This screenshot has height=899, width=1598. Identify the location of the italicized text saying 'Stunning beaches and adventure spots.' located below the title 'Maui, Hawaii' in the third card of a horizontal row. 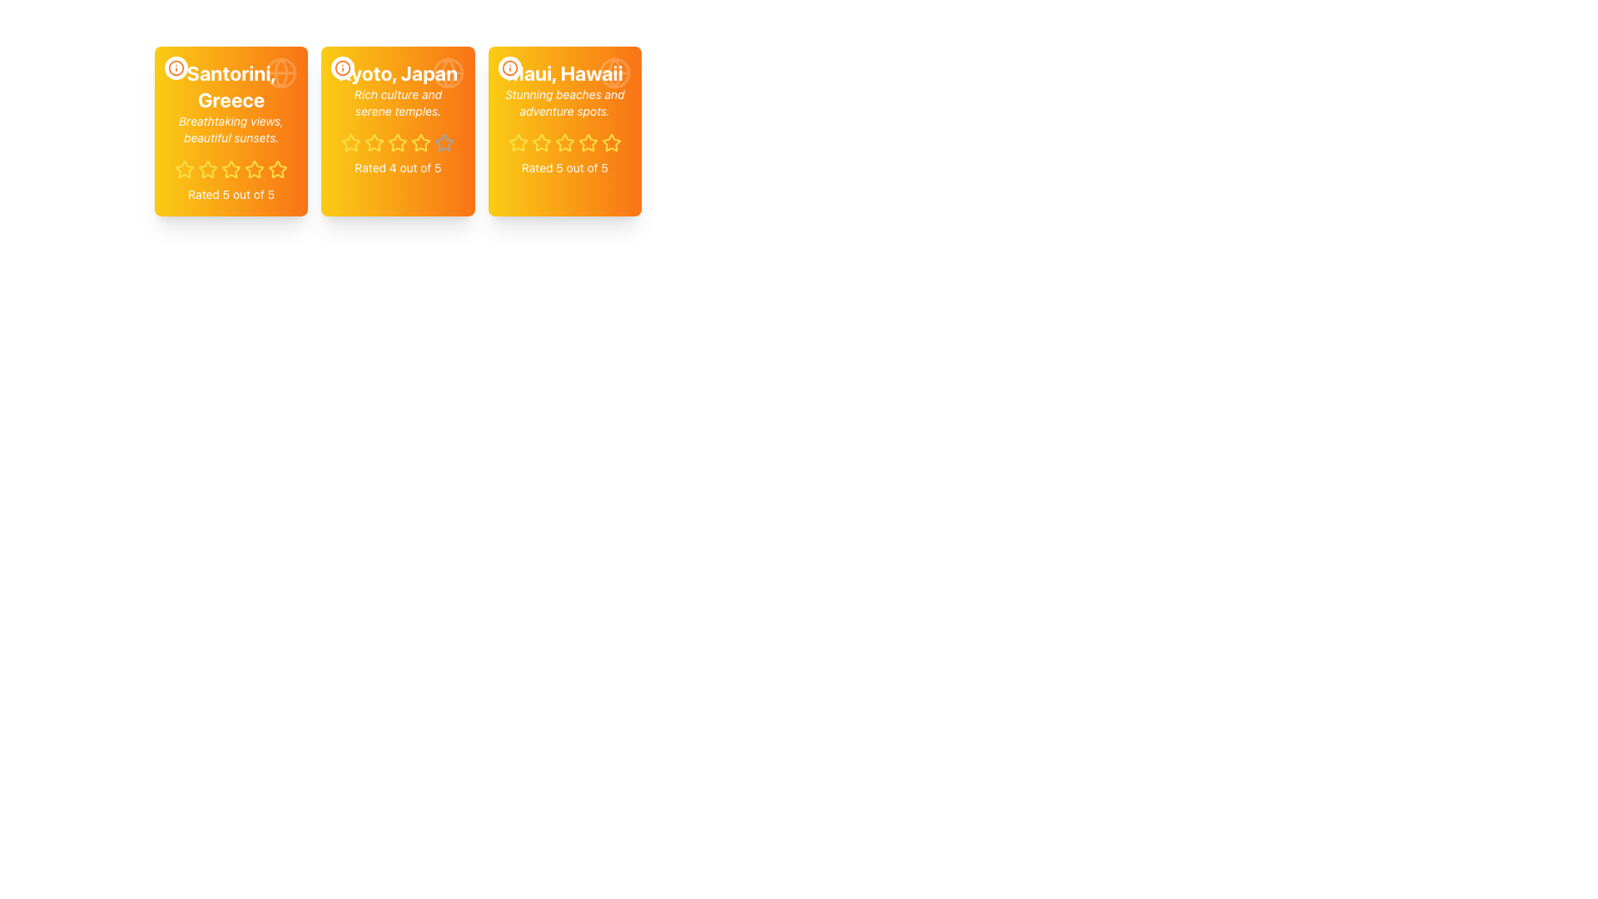
(564, 102).